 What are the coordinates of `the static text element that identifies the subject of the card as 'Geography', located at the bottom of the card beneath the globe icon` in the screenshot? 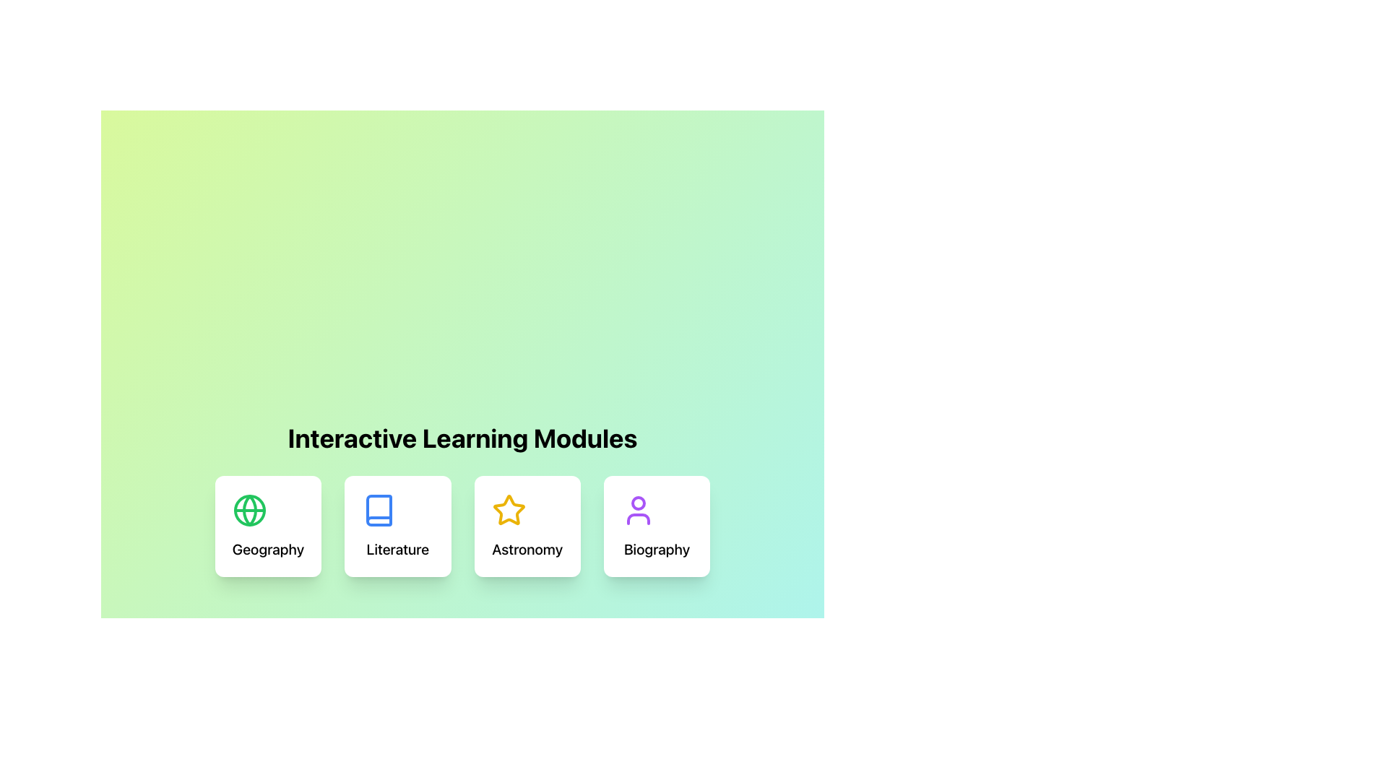 It's located at (268, 549).